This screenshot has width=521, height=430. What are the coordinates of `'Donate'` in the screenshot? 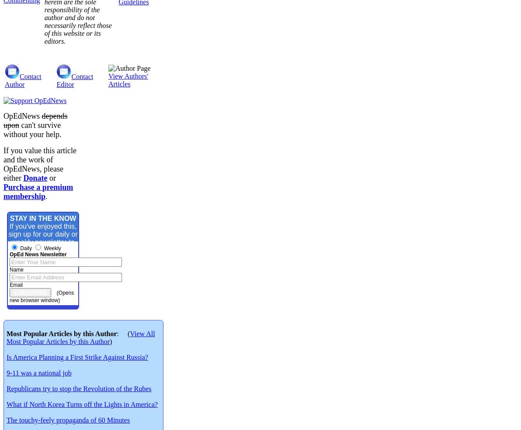 It's located at (23, 177).